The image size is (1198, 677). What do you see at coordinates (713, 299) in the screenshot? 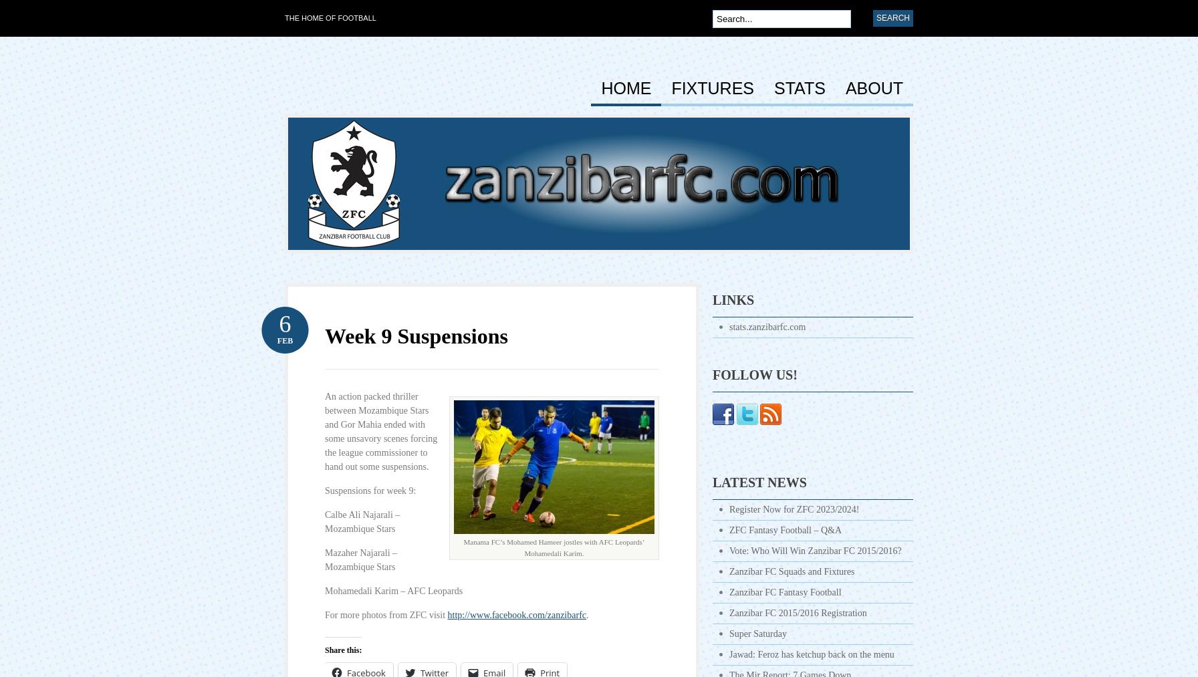
I see `'Links'` at bounding box center [713, 299].